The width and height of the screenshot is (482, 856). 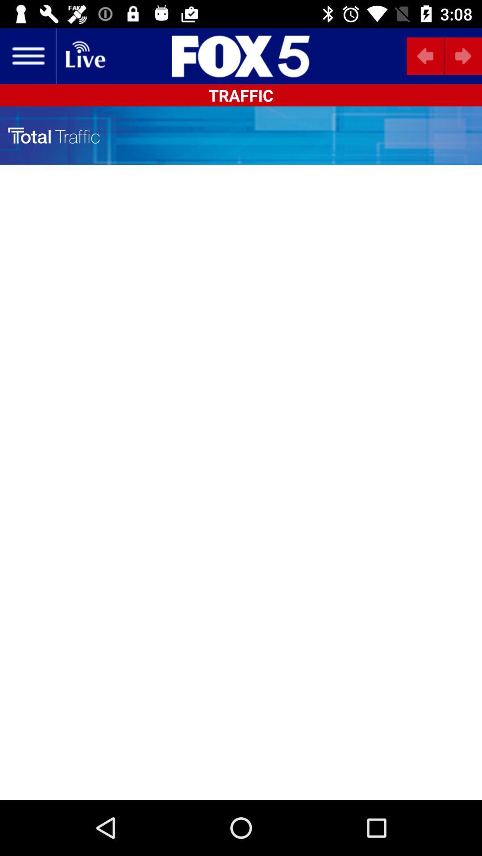 What do you see at coordinates (241, 55) in the screenshot?
I see `the sliders icon` at bounding box center [241, 55].